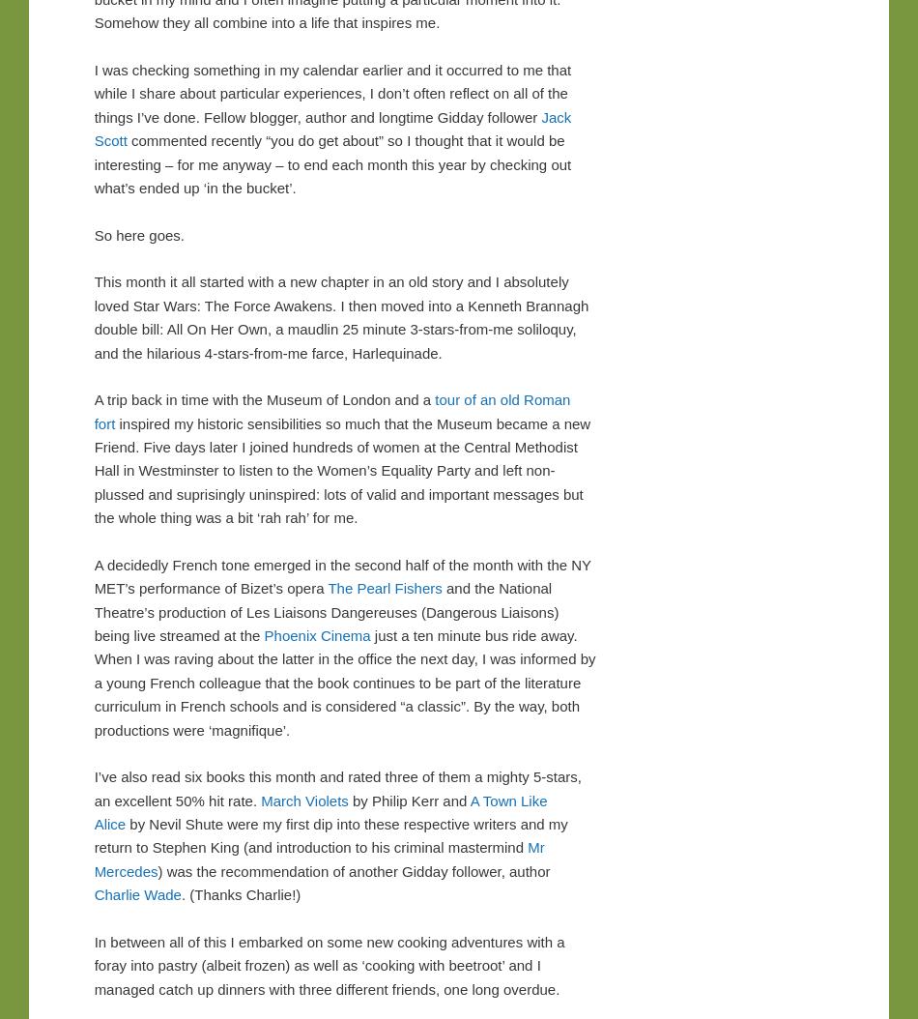 Image resolution: width=918 pixels, height=1019 pixels. What do you see at coordinates (316, 635) in the screenshot?
I see `'Phoenix Cinema'` at bounding box center [316, 635].